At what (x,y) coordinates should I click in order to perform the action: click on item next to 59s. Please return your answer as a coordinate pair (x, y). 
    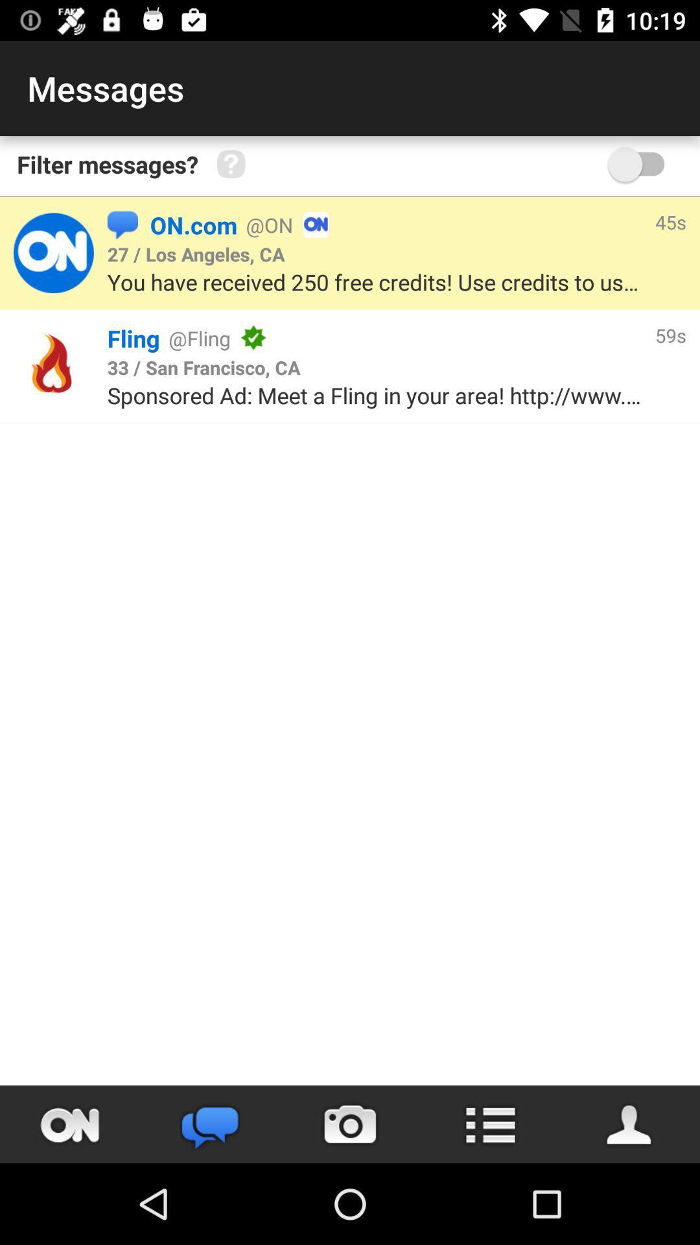
    Looking at the image, I should click on (204, 366).